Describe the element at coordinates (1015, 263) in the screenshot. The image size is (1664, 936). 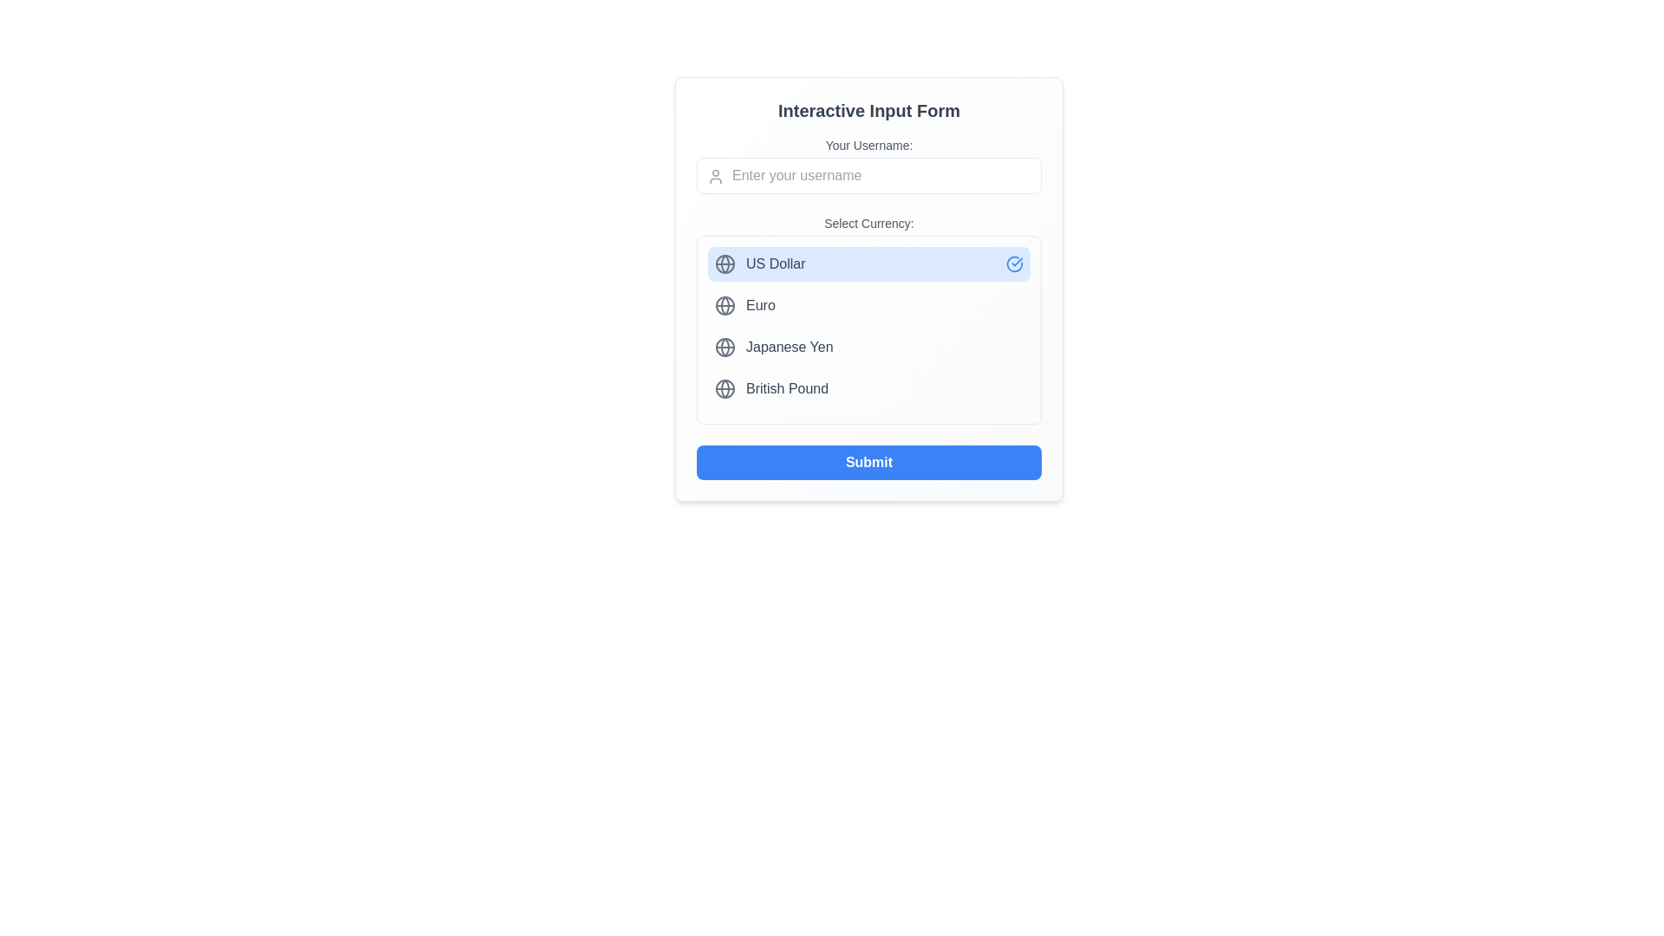
I see `the circular checkmark icon with a blue outline and a white background, positioned inside the US Dollar currency selection field, towards the right end of the 'US Dollar' text` at that location.